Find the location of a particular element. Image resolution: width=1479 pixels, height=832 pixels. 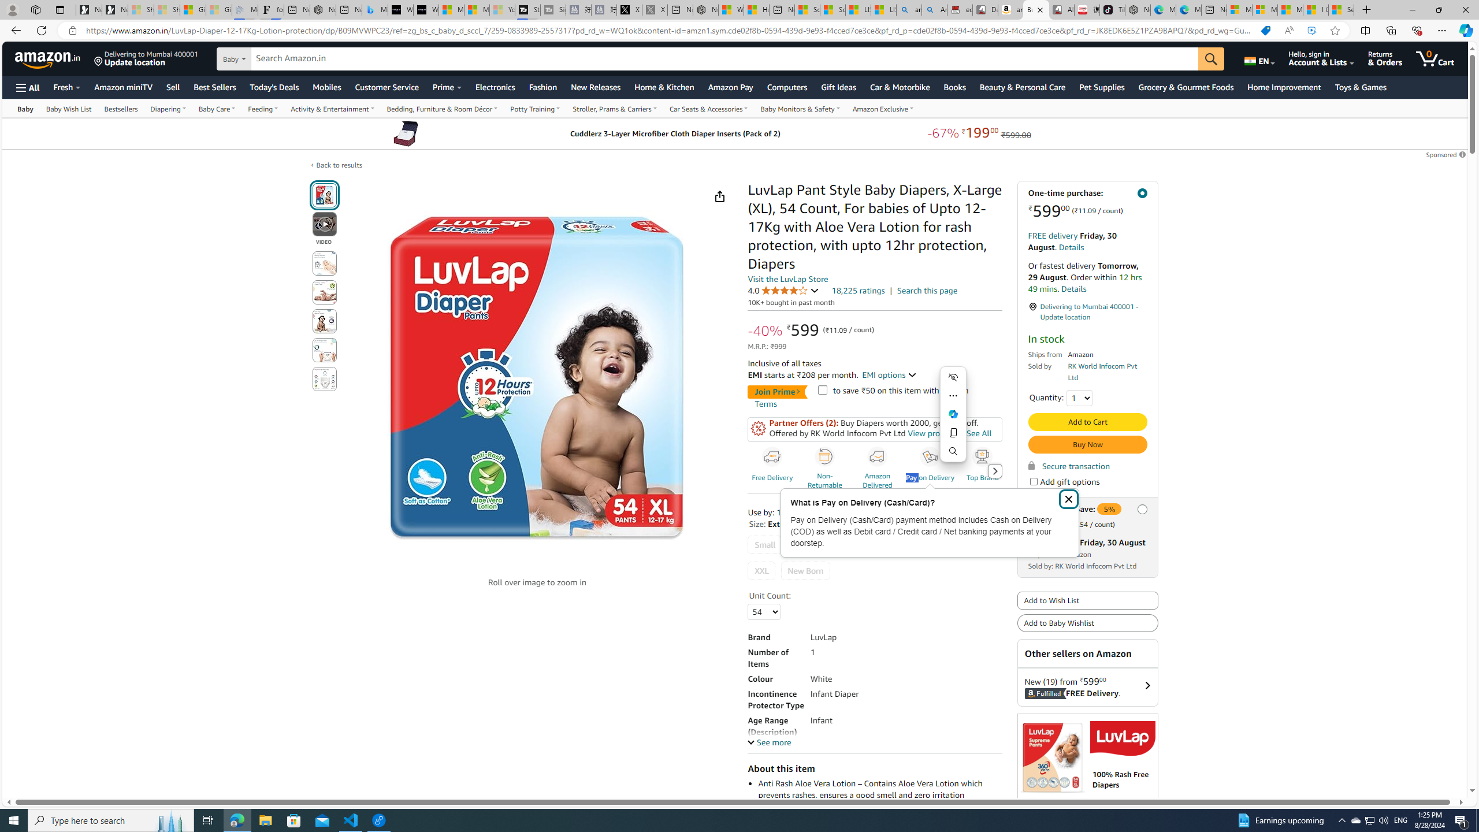

'Amazon Echo Dot PNG - Search Images' is located at coordinates (934, 9).